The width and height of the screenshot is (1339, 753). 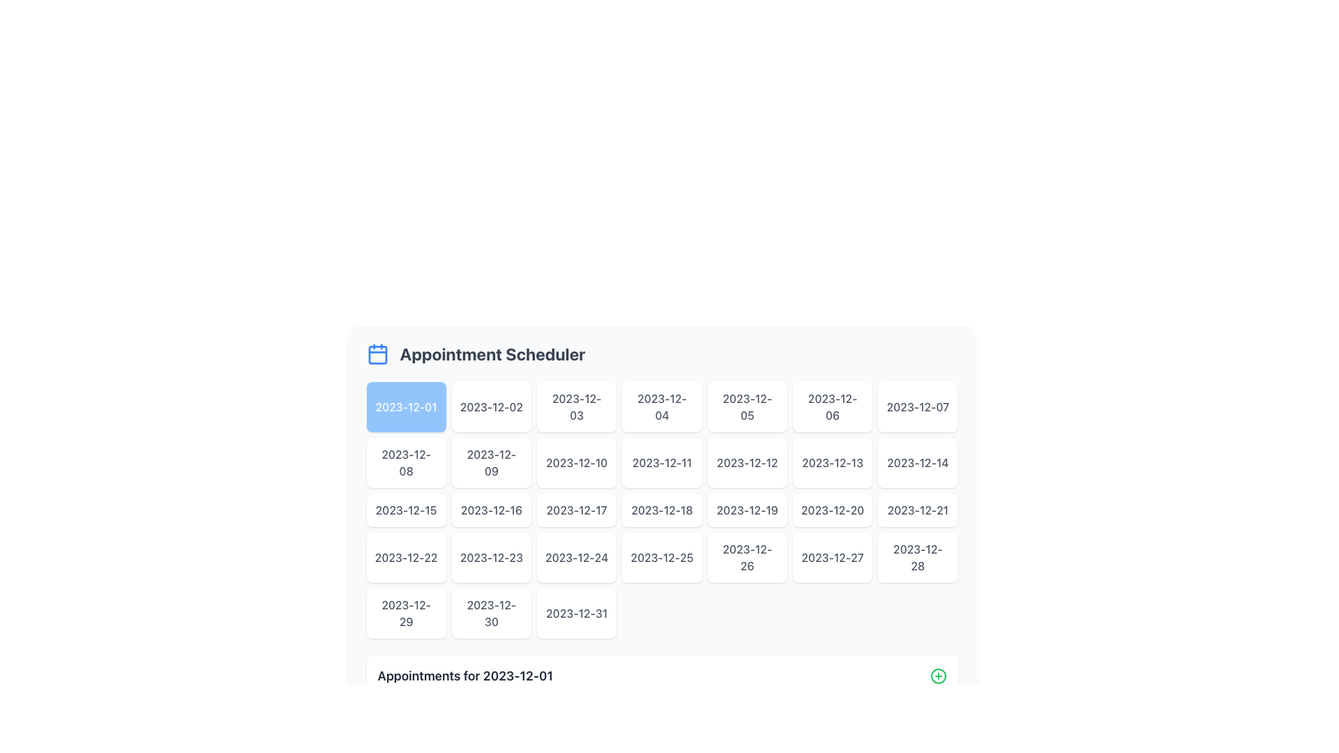 I want to click on the rectangular button labeled '2023-12-14' to change its background color, so click(x=918, y=462).